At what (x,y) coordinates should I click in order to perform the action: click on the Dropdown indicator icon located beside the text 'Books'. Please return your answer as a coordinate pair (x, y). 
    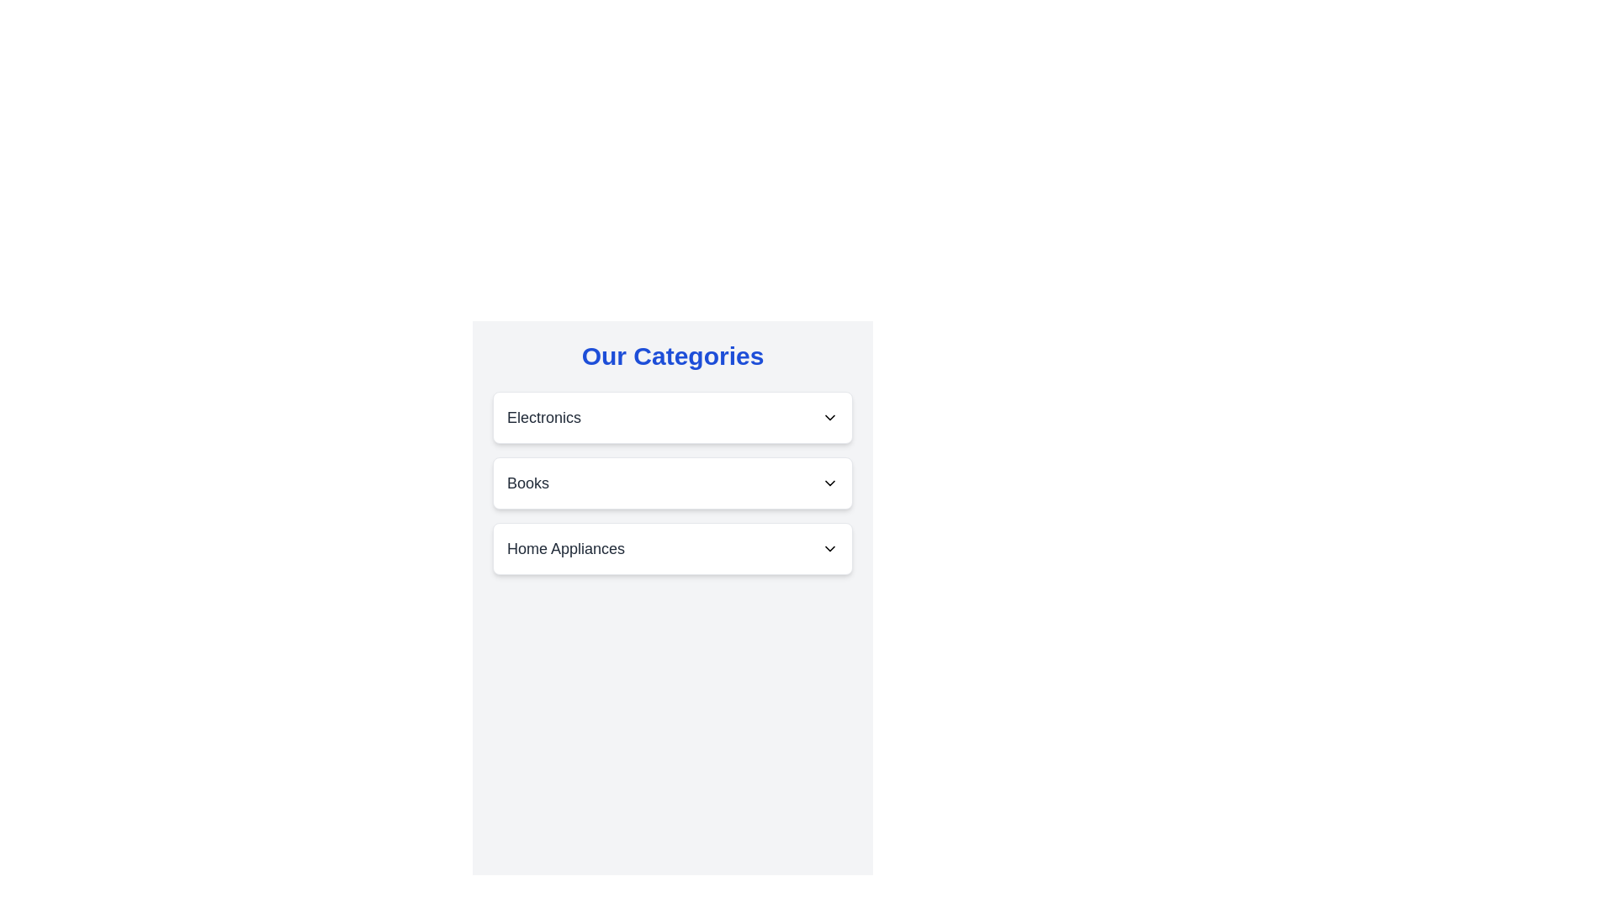
    Looking at the image, I should click on (830, 483).